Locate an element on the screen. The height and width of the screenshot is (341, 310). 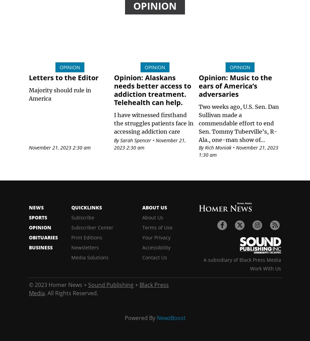
'I have witnessed firsthand the struggles patients face in accessing addiction care' is located at coordinates (153, 123).